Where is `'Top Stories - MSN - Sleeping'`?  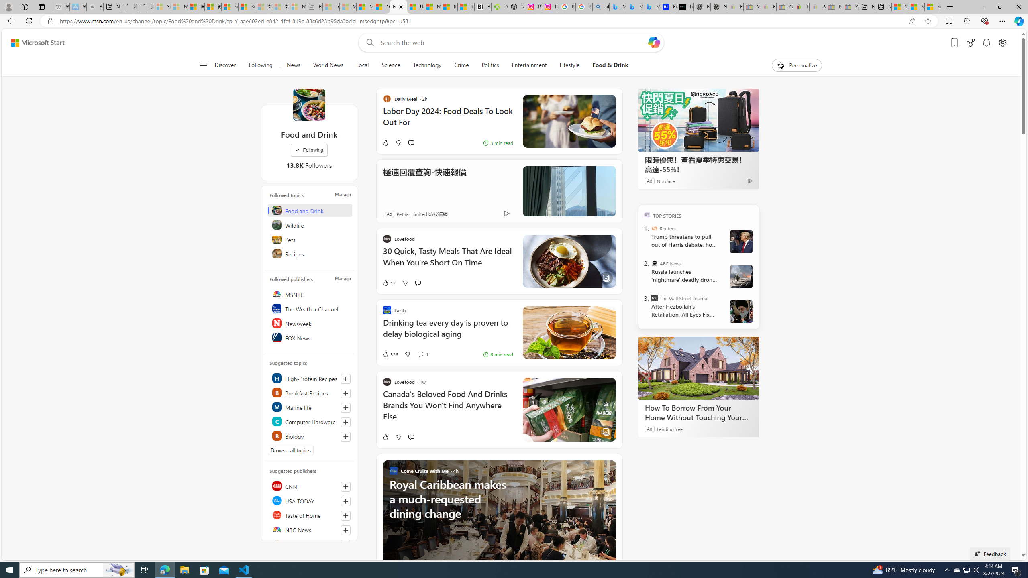
'Top Stories - MSN - Sleeping' is located at coordinates (331, 6).